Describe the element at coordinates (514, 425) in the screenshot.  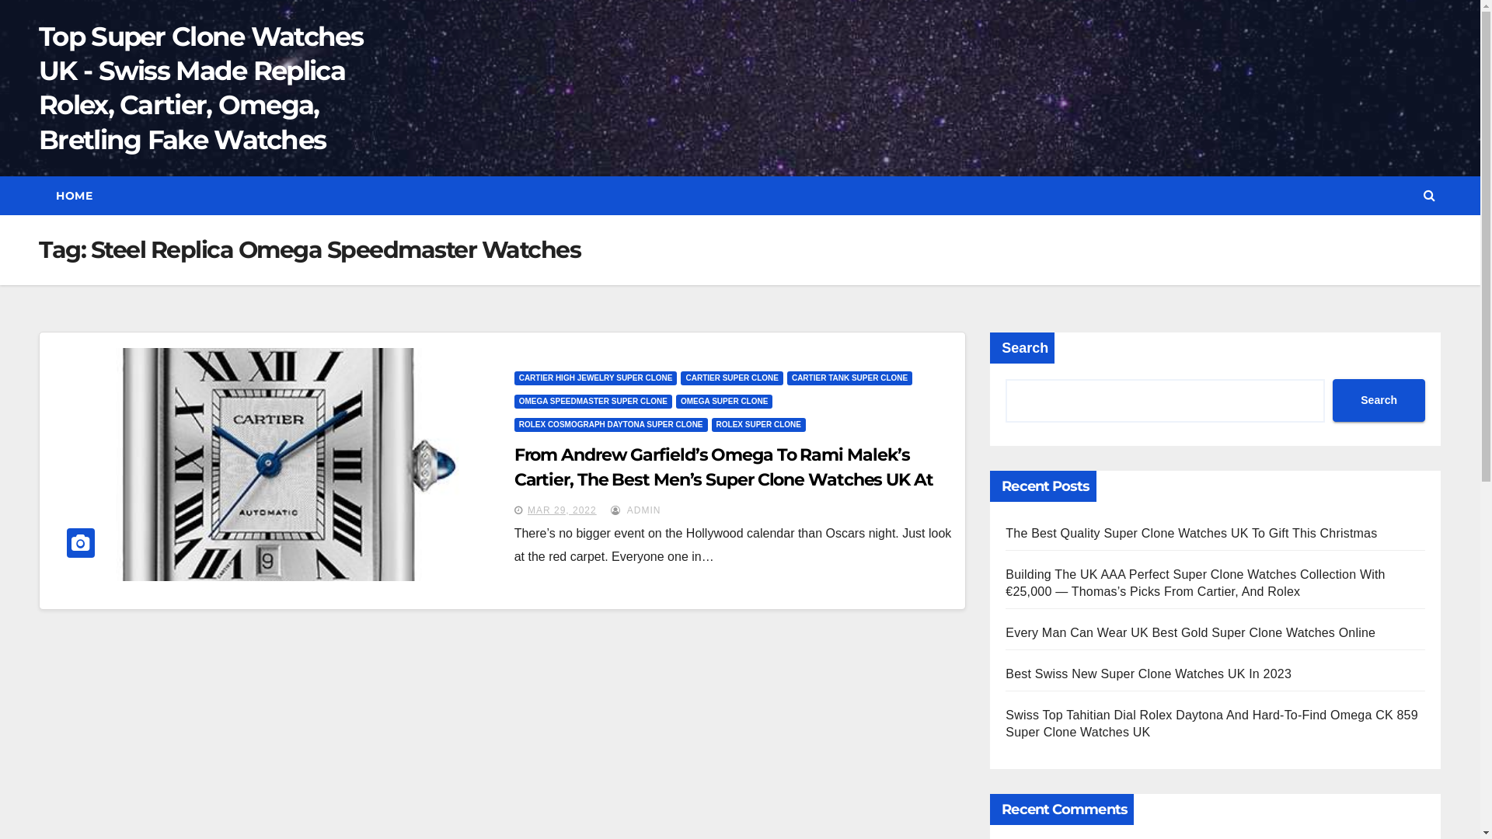
I see `'ROLEX COSMOGRAPH DAYTONA SUPER CLONE'` at that location.